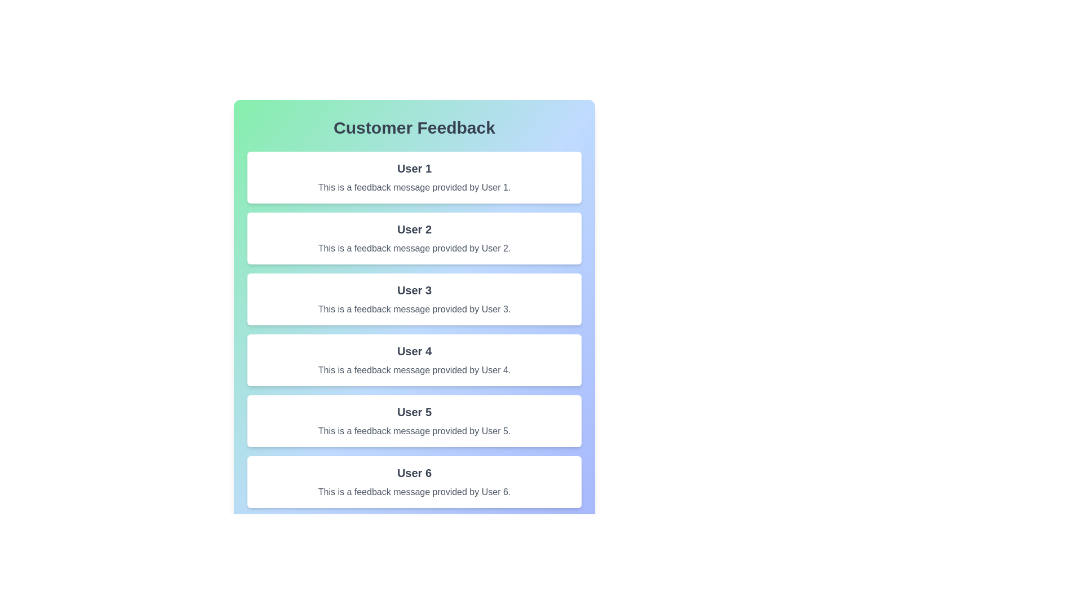 The width and height of the screenshot is (1082, 609). What do you see at coordinates (414, 187) in the screenshot?
I see `feedback message displayed in the text field located below 'User 1' in the first feedback card` at bounding box center [414, 187].